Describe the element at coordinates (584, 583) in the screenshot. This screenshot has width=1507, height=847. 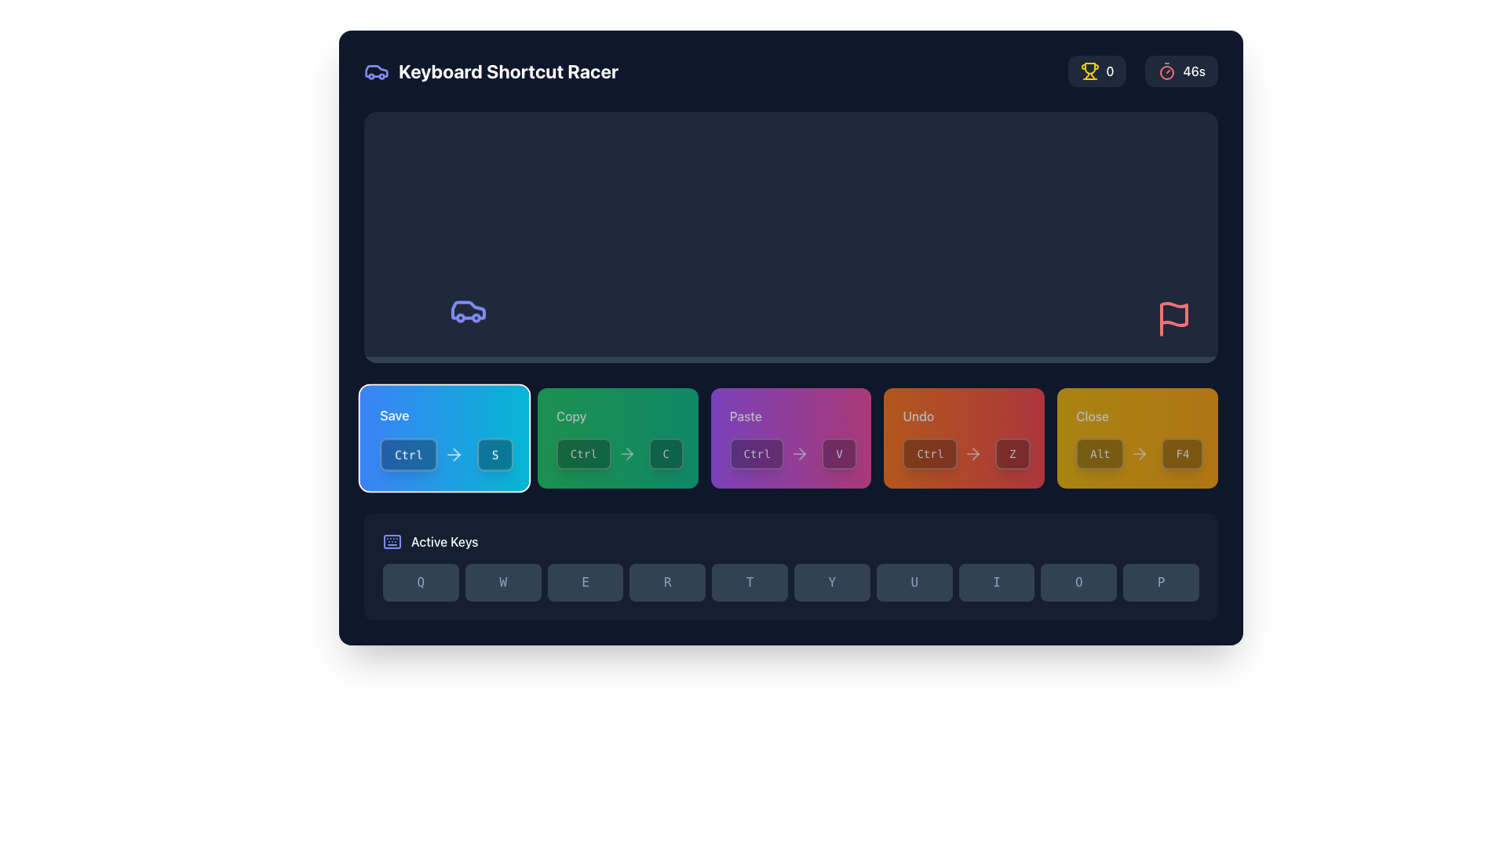
I see `the 'E' key button in the 'Active Keys' section` at that location.